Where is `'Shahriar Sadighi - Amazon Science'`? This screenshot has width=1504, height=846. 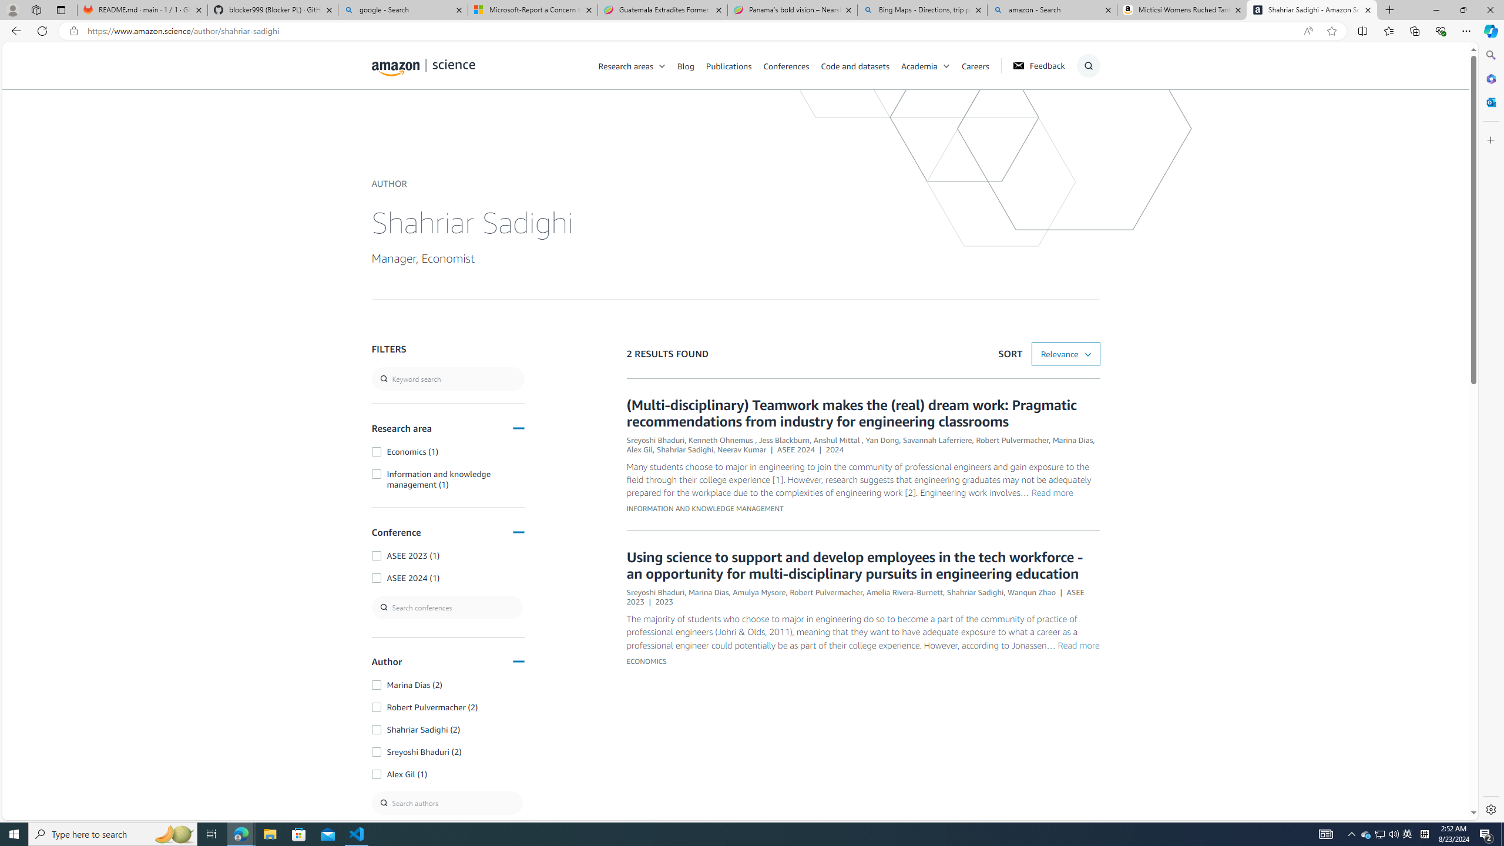
'Shahriar Sadighi - Amazon Science' is located at coordinates (1312, 9).